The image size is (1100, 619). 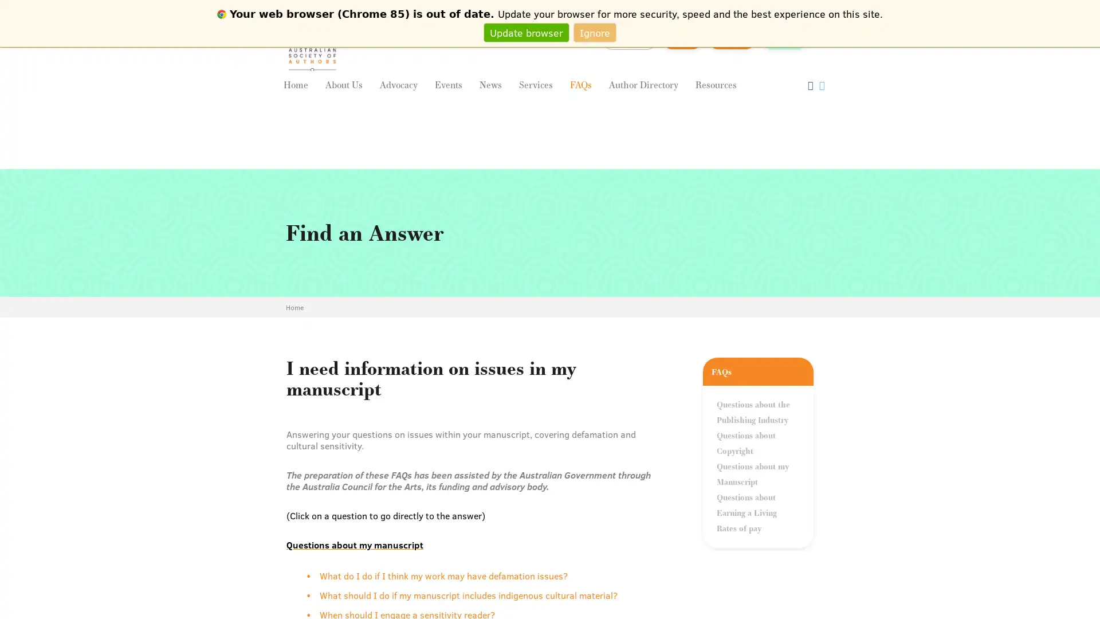 What do you see at coordinates (595, 32) in the screenshot?
I see `Ignore` at bounding box center [595, 32].